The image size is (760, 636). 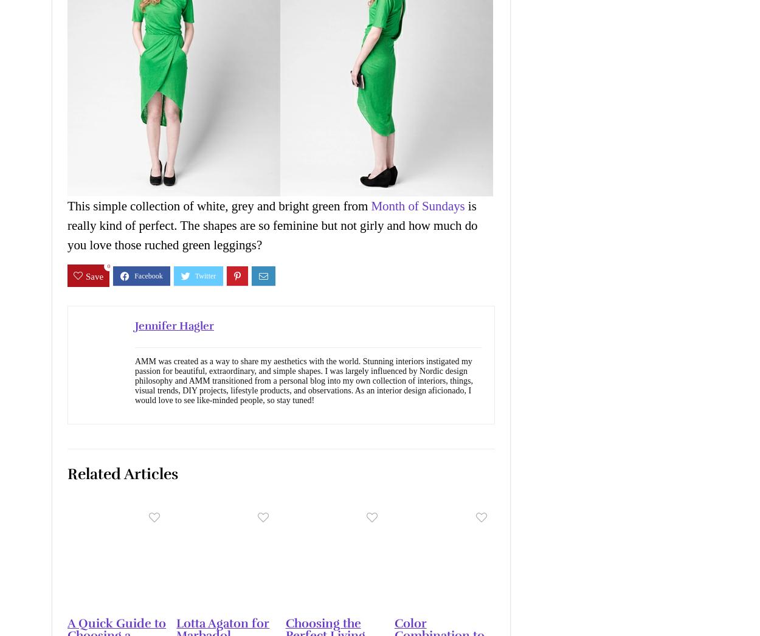 What do you see at coordinates (122, 473) in the screenshot?
I see `'Related Articles'` at bounding box center [122, 473].